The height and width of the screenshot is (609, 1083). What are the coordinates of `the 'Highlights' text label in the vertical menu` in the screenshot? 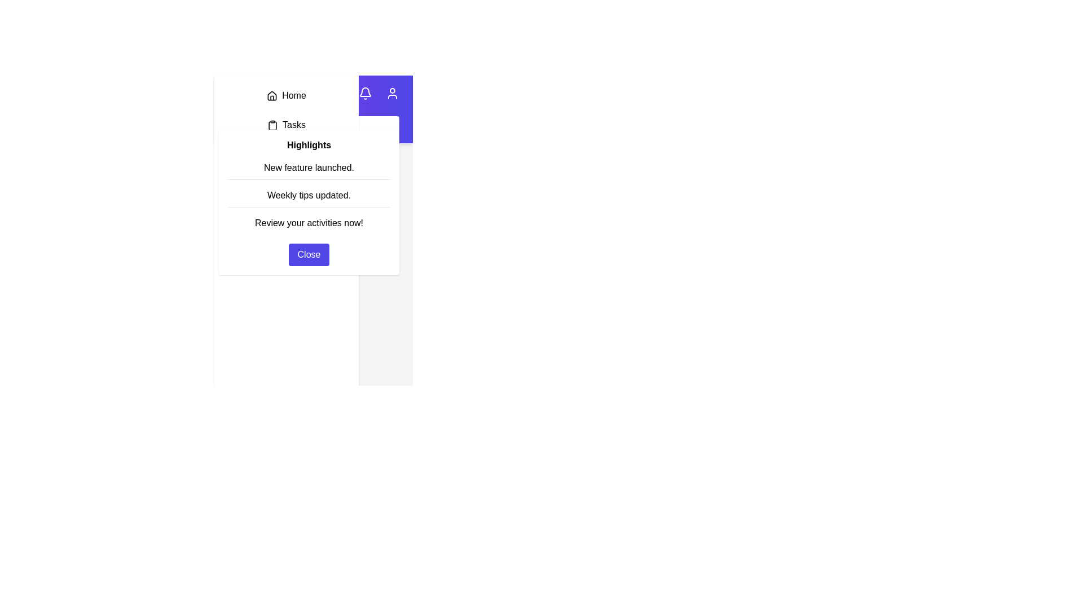 It's located at (287, 154).